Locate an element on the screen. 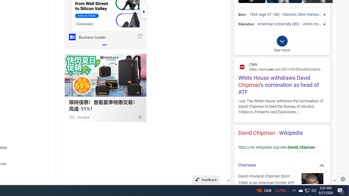  'Class: b_exp_chevron_svg b_expmob_chev' is located at coordinates (282, 41).